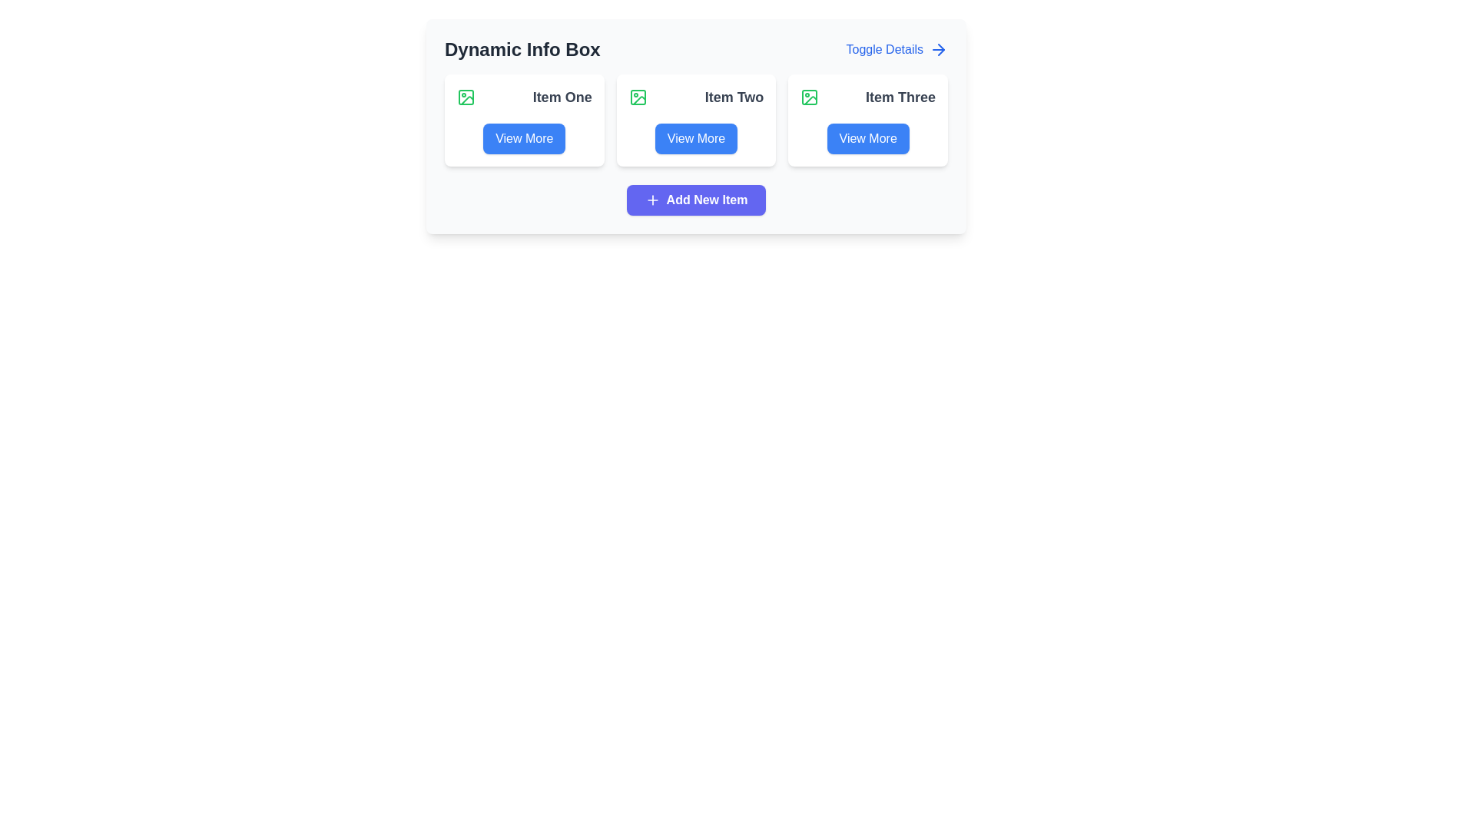 This screenshot has width=1475, height=829. What do you see at coordinates (695, 200) in the screenshot?
I see `the 'Add New Item' button, which has a blue background and white text, located at the bottom of the 'Dynamic Info Box' component` at bounding box center [695, 200].